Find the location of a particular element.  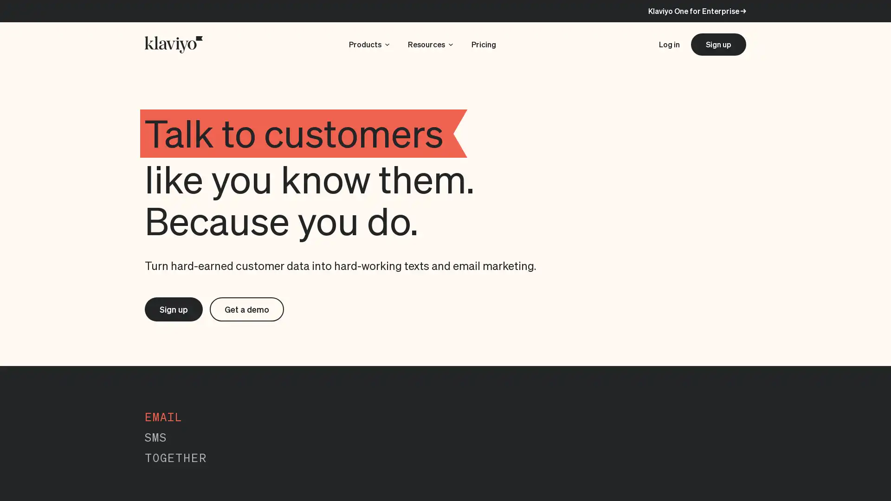

Get a demo is located at coordinates (252, 310).